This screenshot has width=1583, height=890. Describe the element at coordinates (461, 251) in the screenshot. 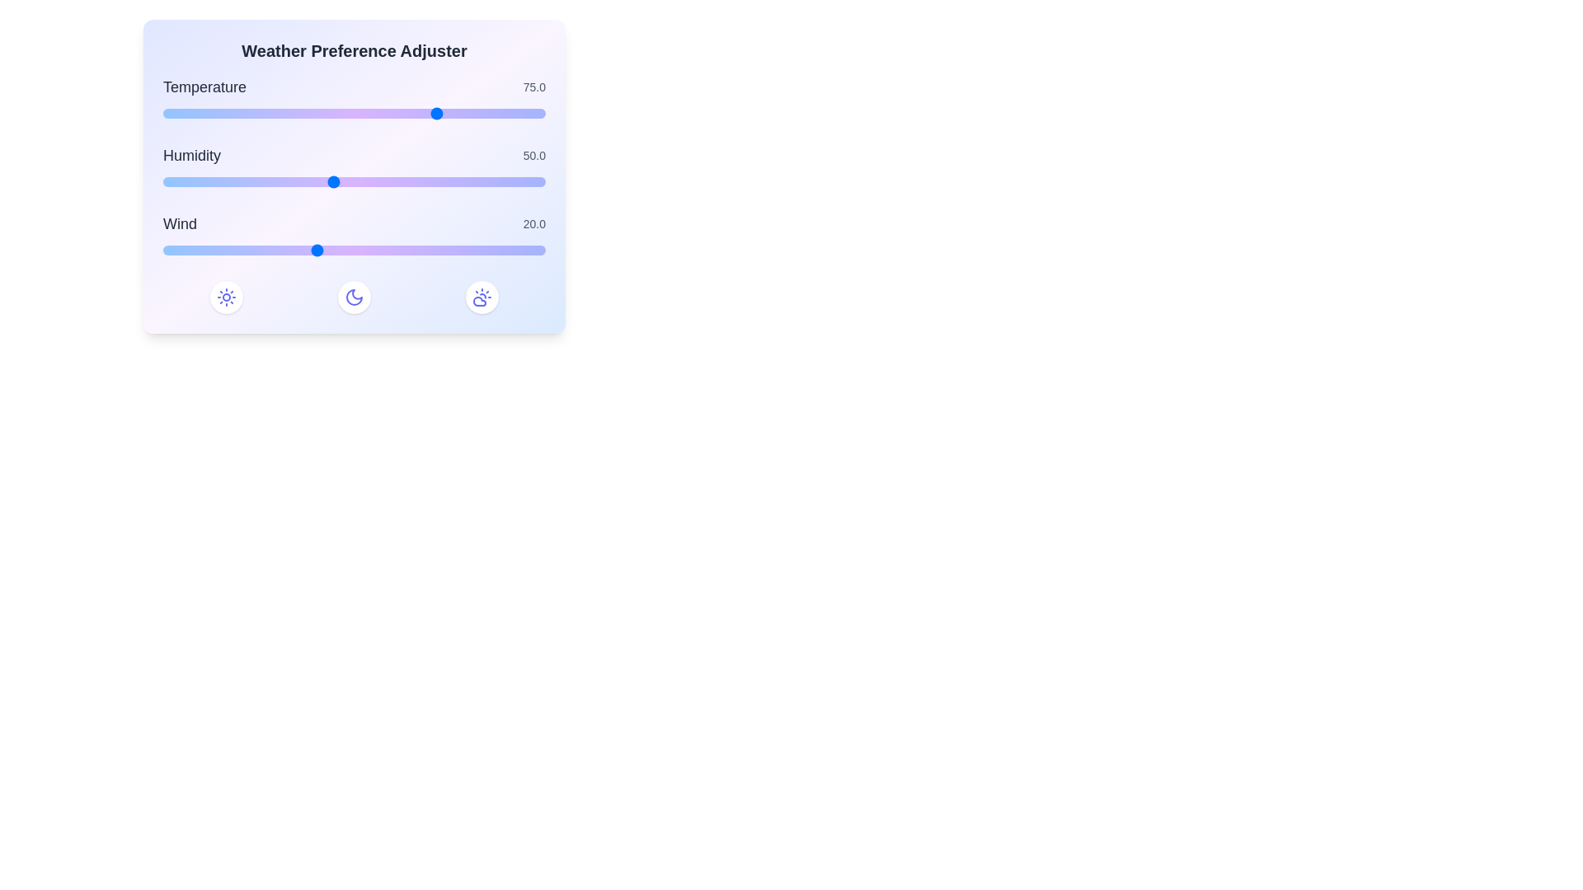

I see `wind preference` at that location.